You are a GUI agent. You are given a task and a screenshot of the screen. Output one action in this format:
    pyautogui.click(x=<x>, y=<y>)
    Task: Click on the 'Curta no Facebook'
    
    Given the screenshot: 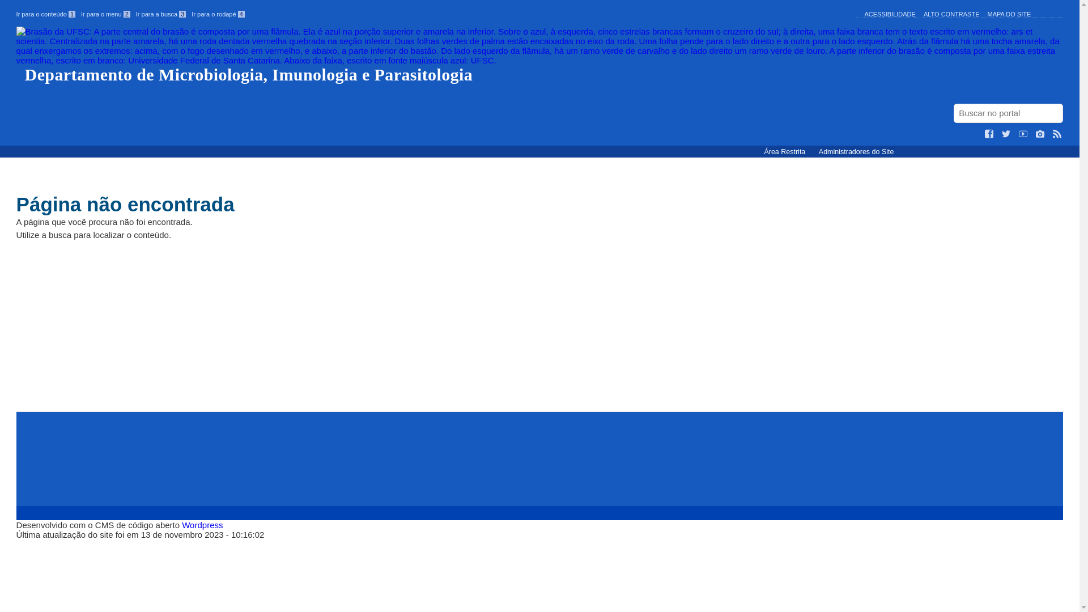 What is the action you would take?
    pyautogui.click(x=984, y=133)
    